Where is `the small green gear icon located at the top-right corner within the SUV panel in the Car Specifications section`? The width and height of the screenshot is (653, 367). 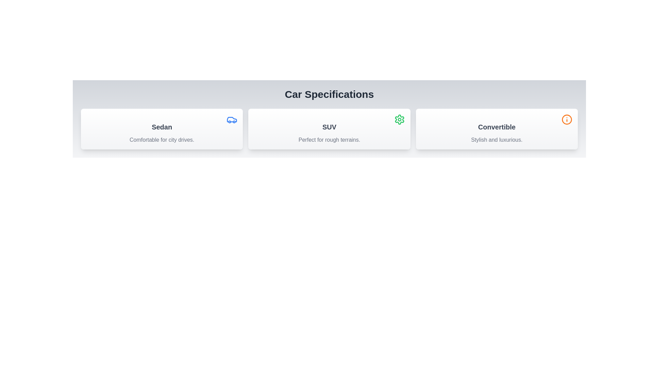
the small green gear icon located at the top-right corner within the SUV panel in the Car Specifications section is located at coordinates (399, 119).